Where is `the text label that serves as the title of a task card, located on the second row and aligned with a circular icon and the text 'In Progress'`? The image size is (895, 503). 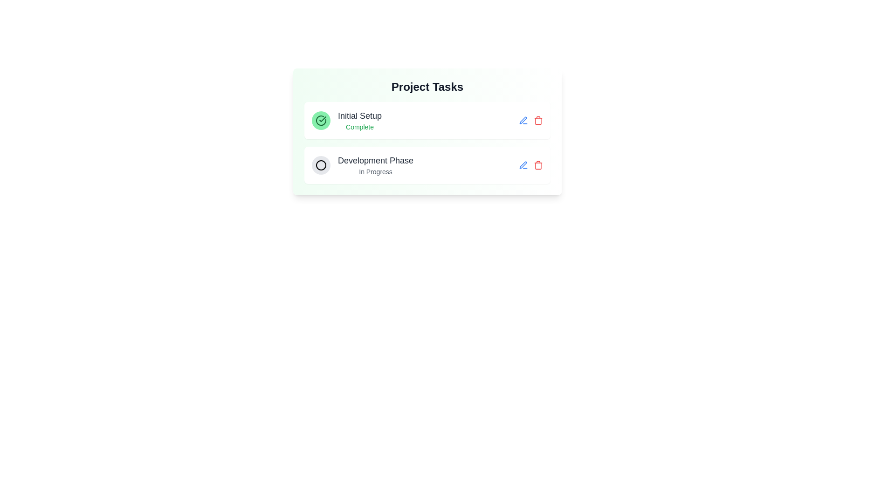 the text label that serves as the title of a task card, located on the second row and aligned with a circular icon and the text 'In Progress' is located at coordinates (376, 160).